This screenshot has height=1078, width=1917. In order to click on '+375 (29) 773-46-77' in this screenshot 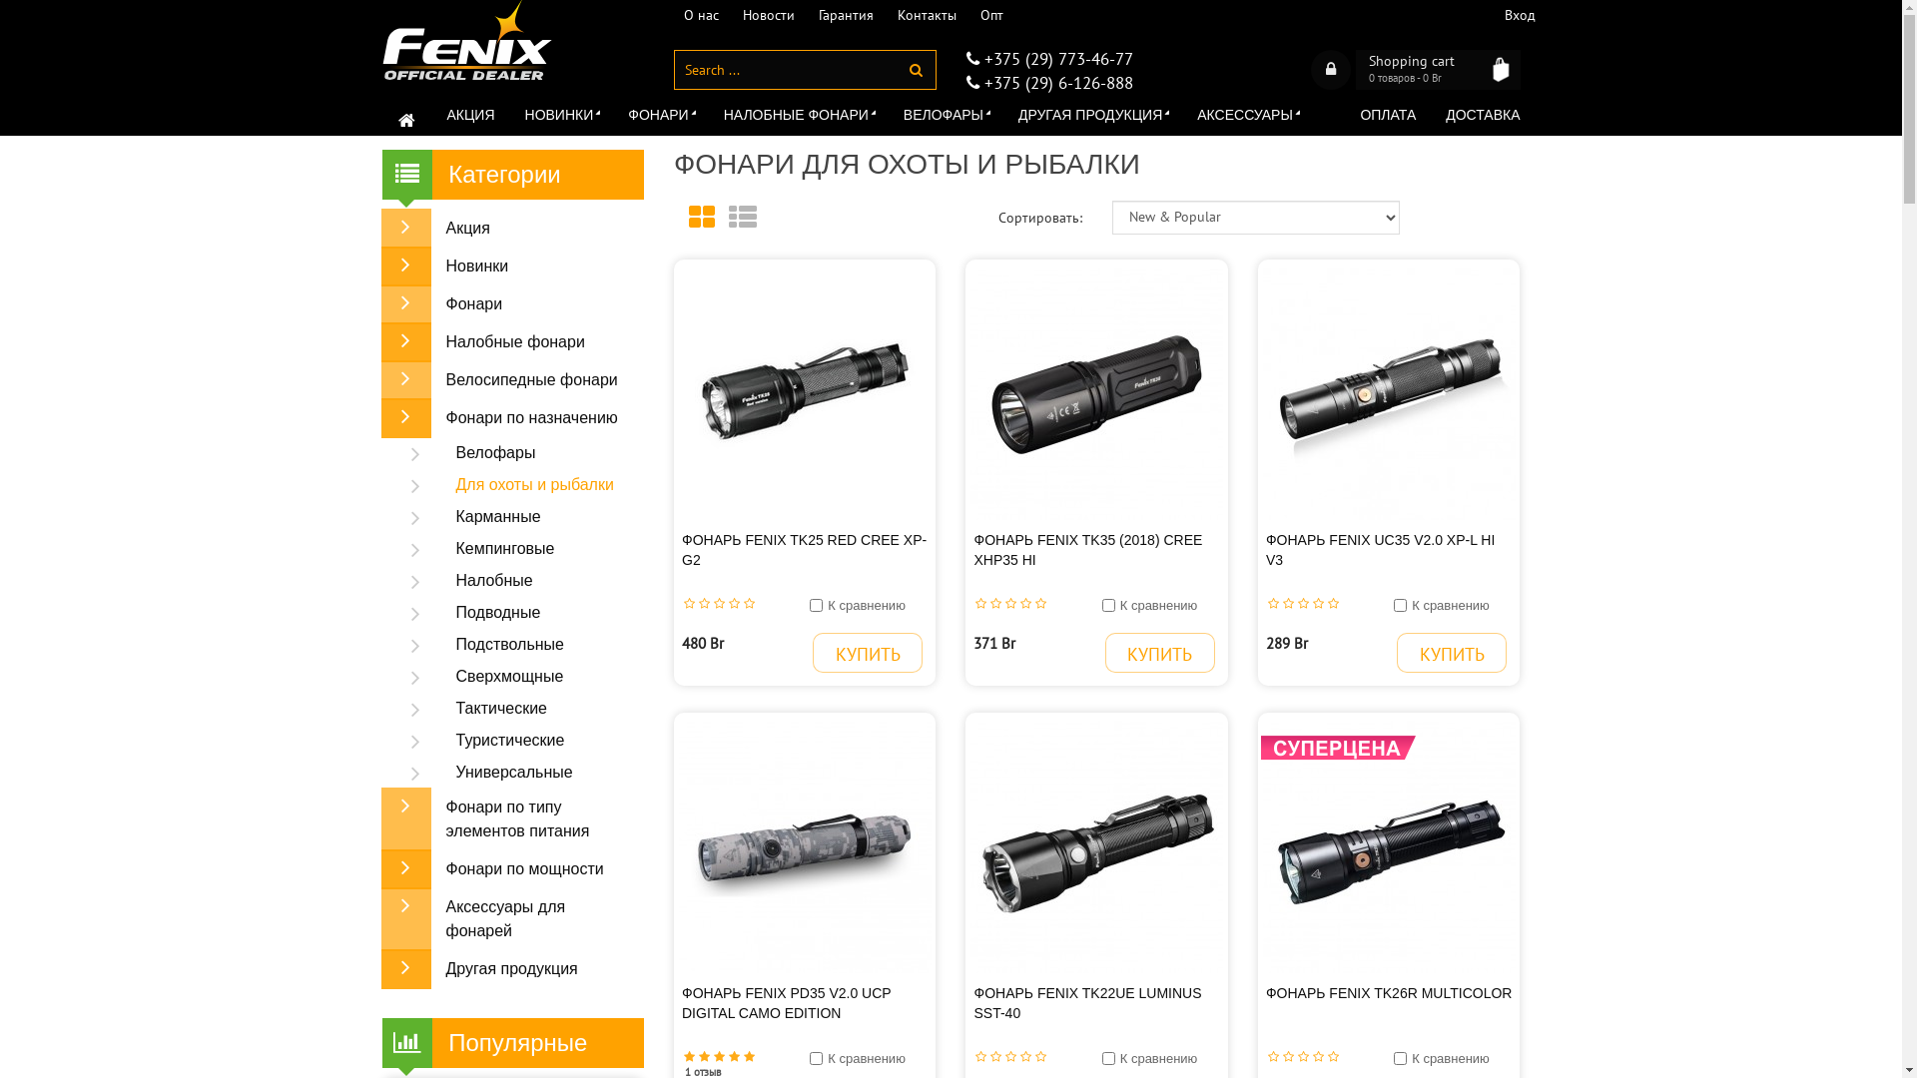, I will do `click(1053, 57)`.